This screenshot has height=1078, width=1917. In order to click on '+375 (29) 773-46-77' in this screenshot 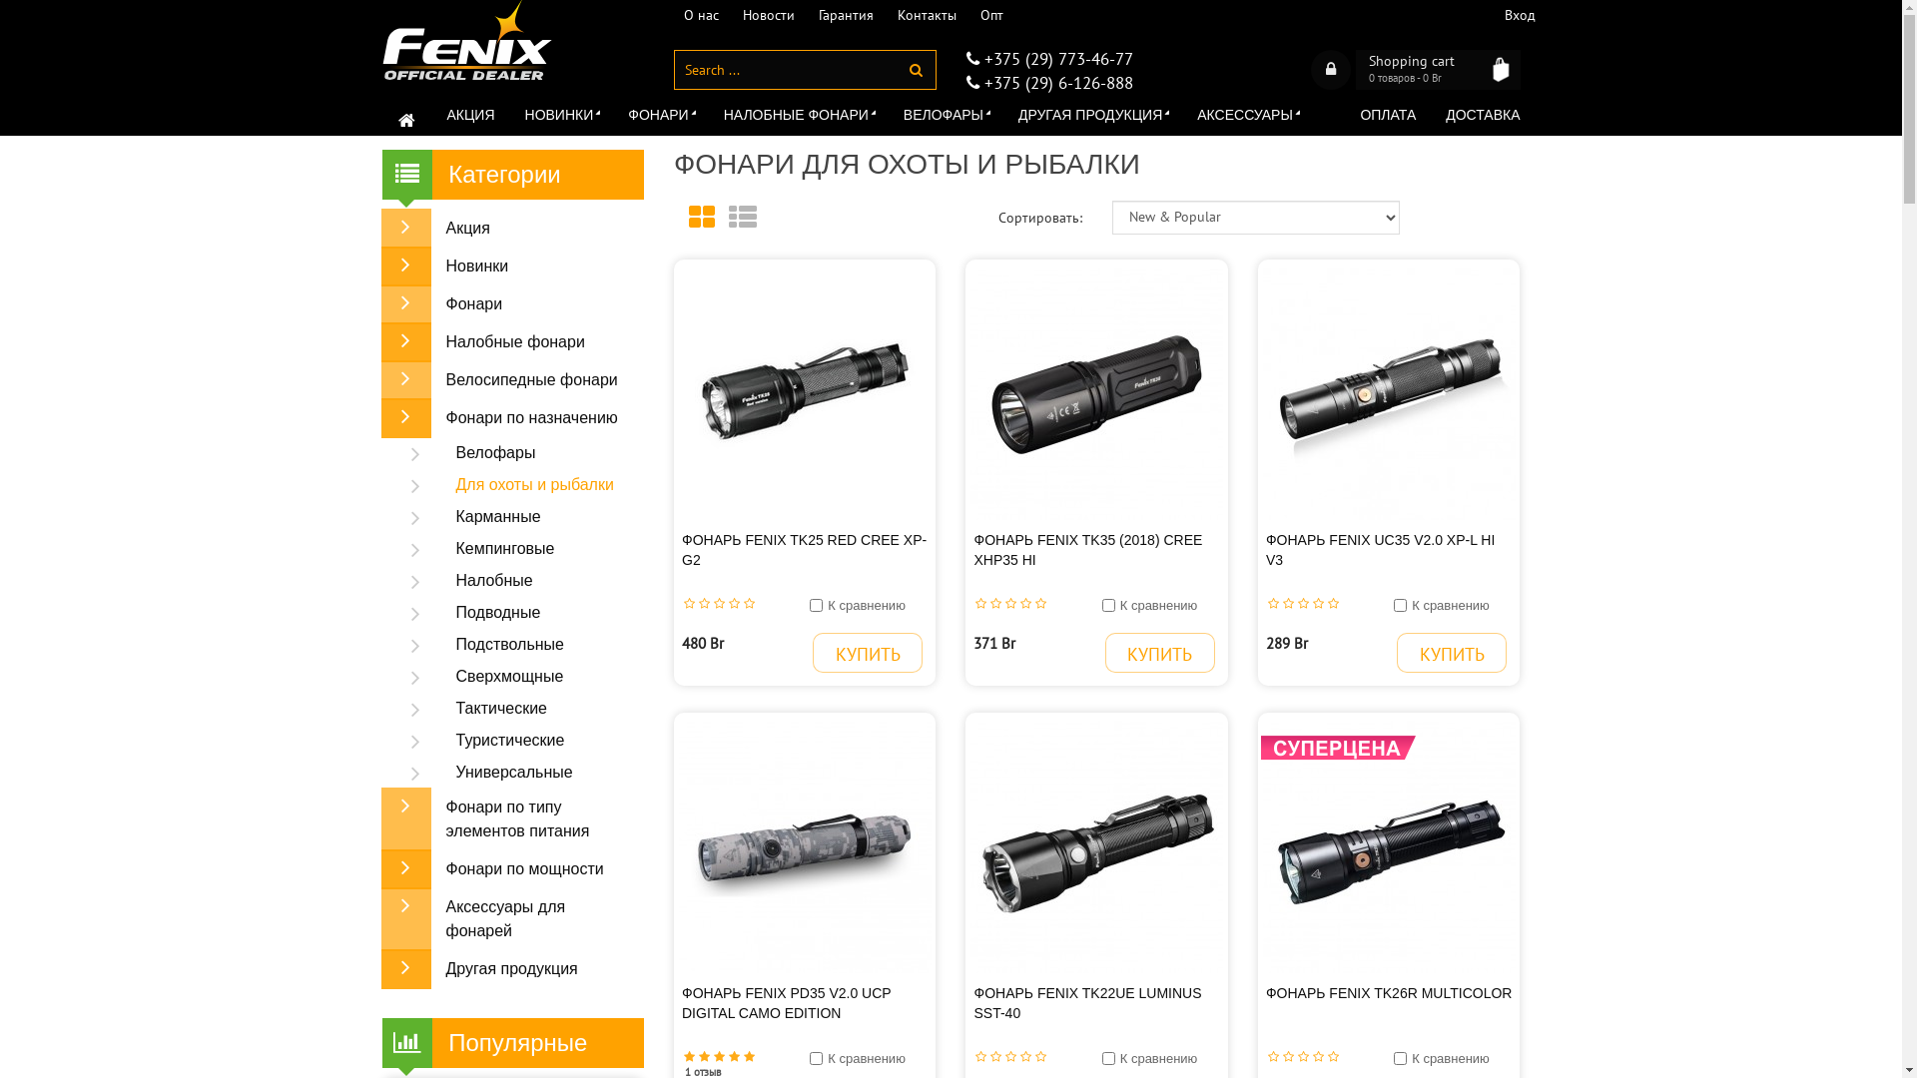, I will do `click(1053, 57)`.